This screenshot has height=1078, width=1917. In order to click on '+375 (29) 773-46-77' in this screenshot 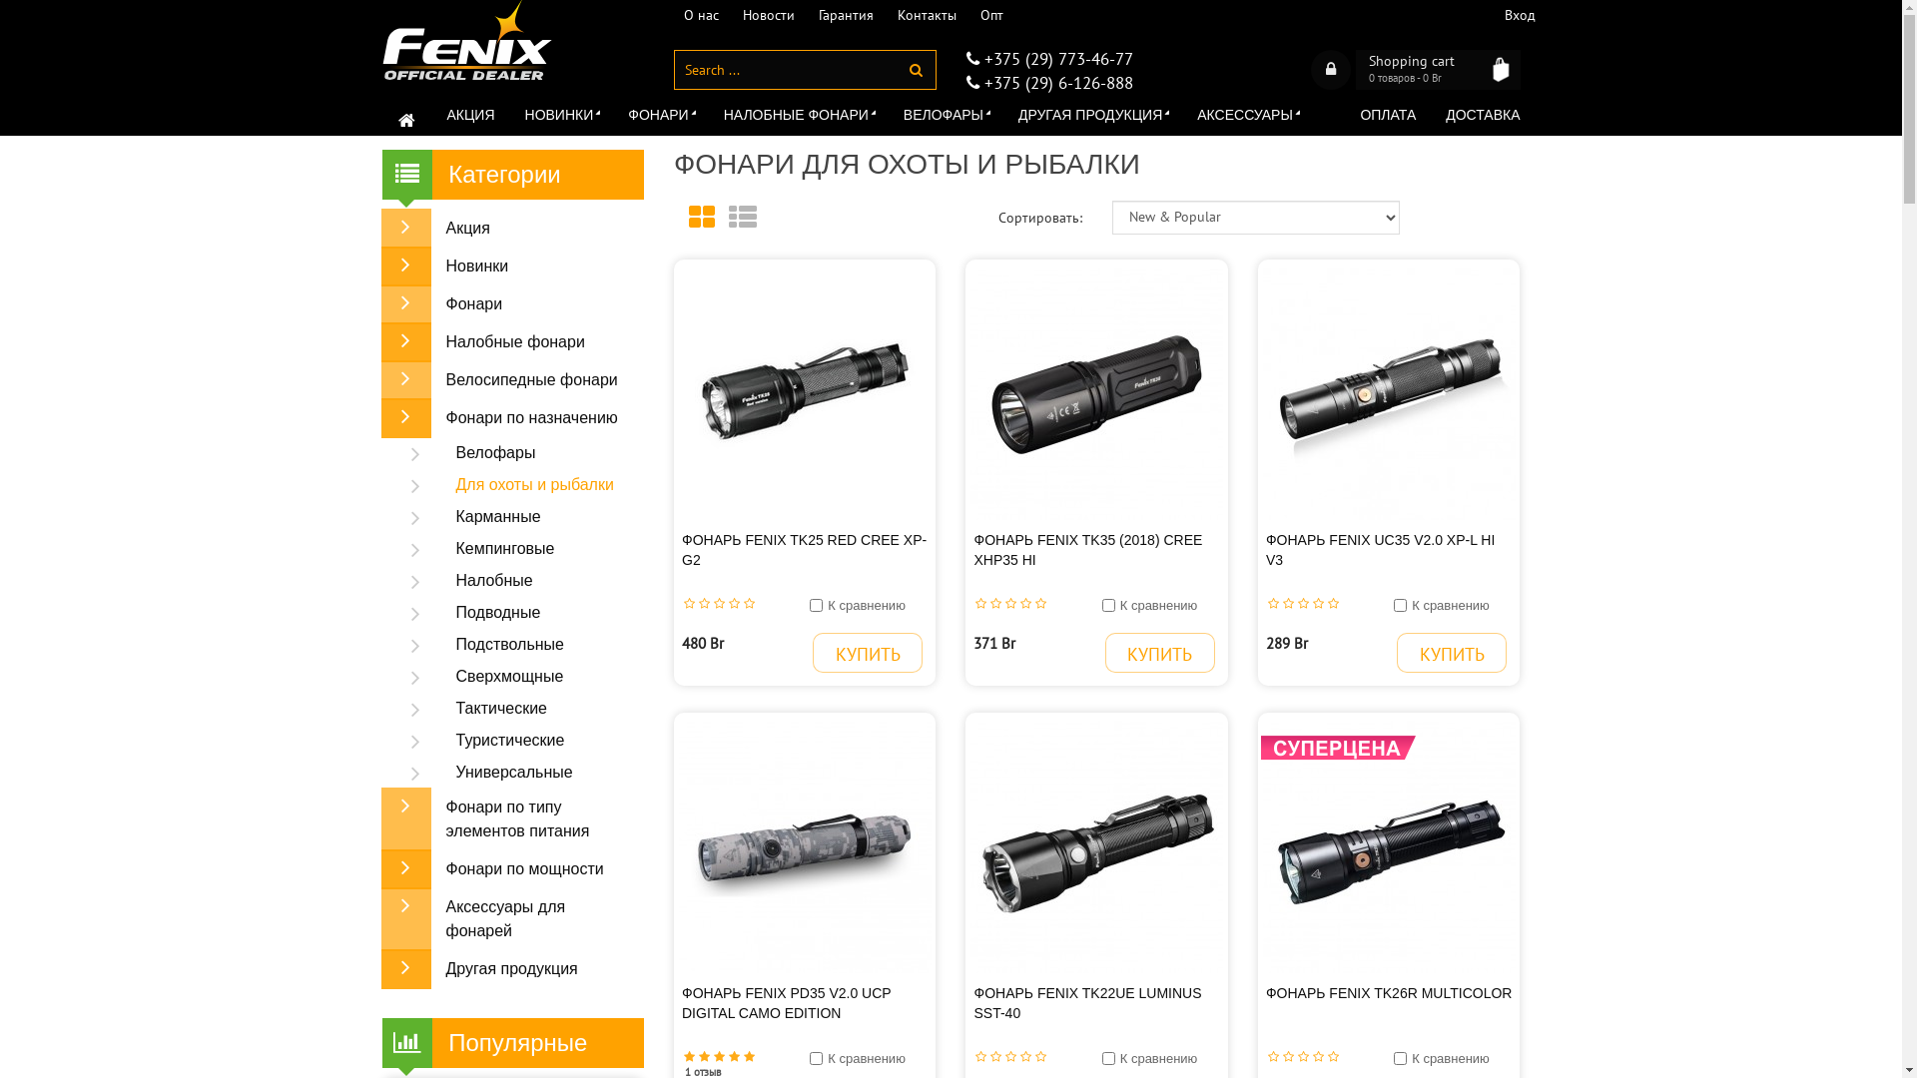, I will do `click(1053, 57)`.